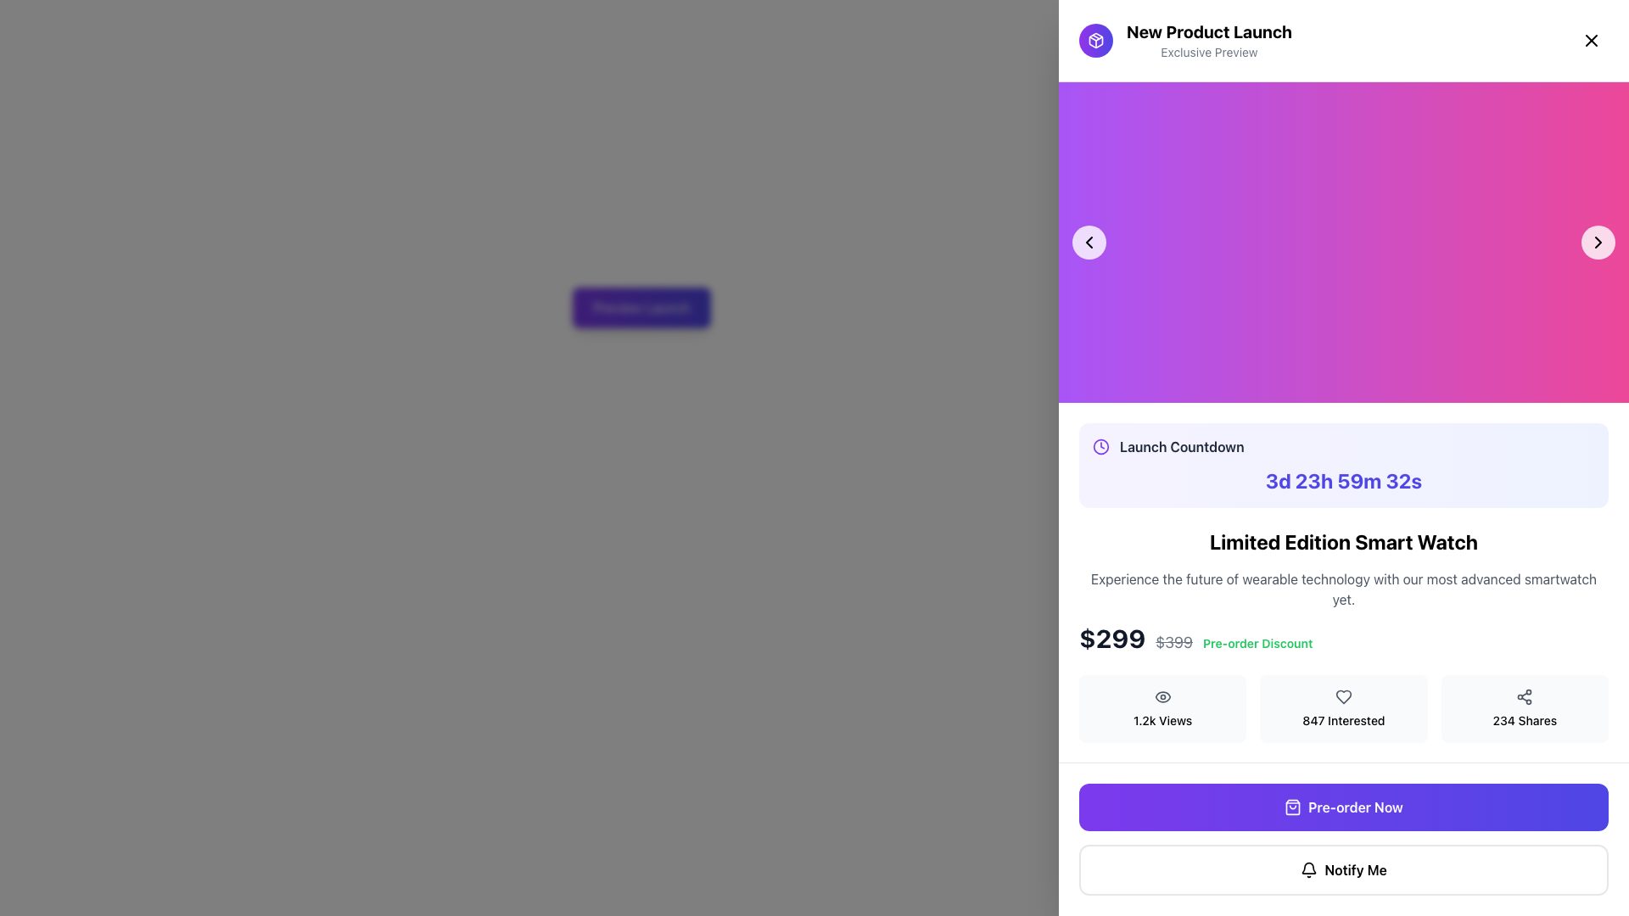  What do you see at coordinates (1208, 51) in the screenshot?
I see `text label positioned immediately below the 'New Product Launch' title in the top-right region of the interface` at bounding box center [1208, 51].